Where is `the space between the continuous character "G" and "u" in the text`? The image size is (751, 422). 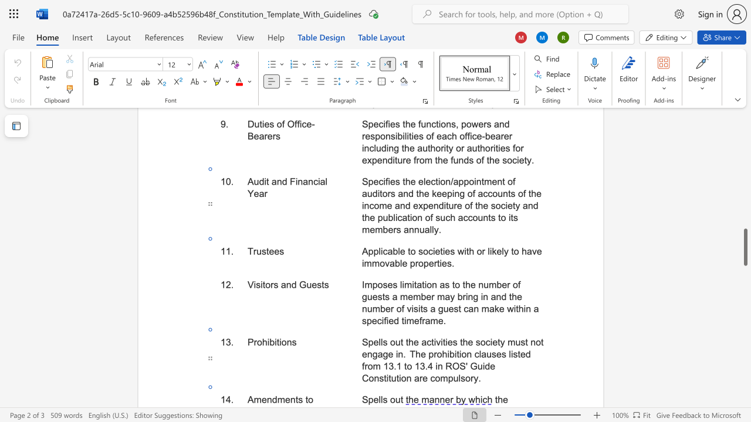
the space between the continuous character "G" and "u" in the text is located at coordinates (306, 285).